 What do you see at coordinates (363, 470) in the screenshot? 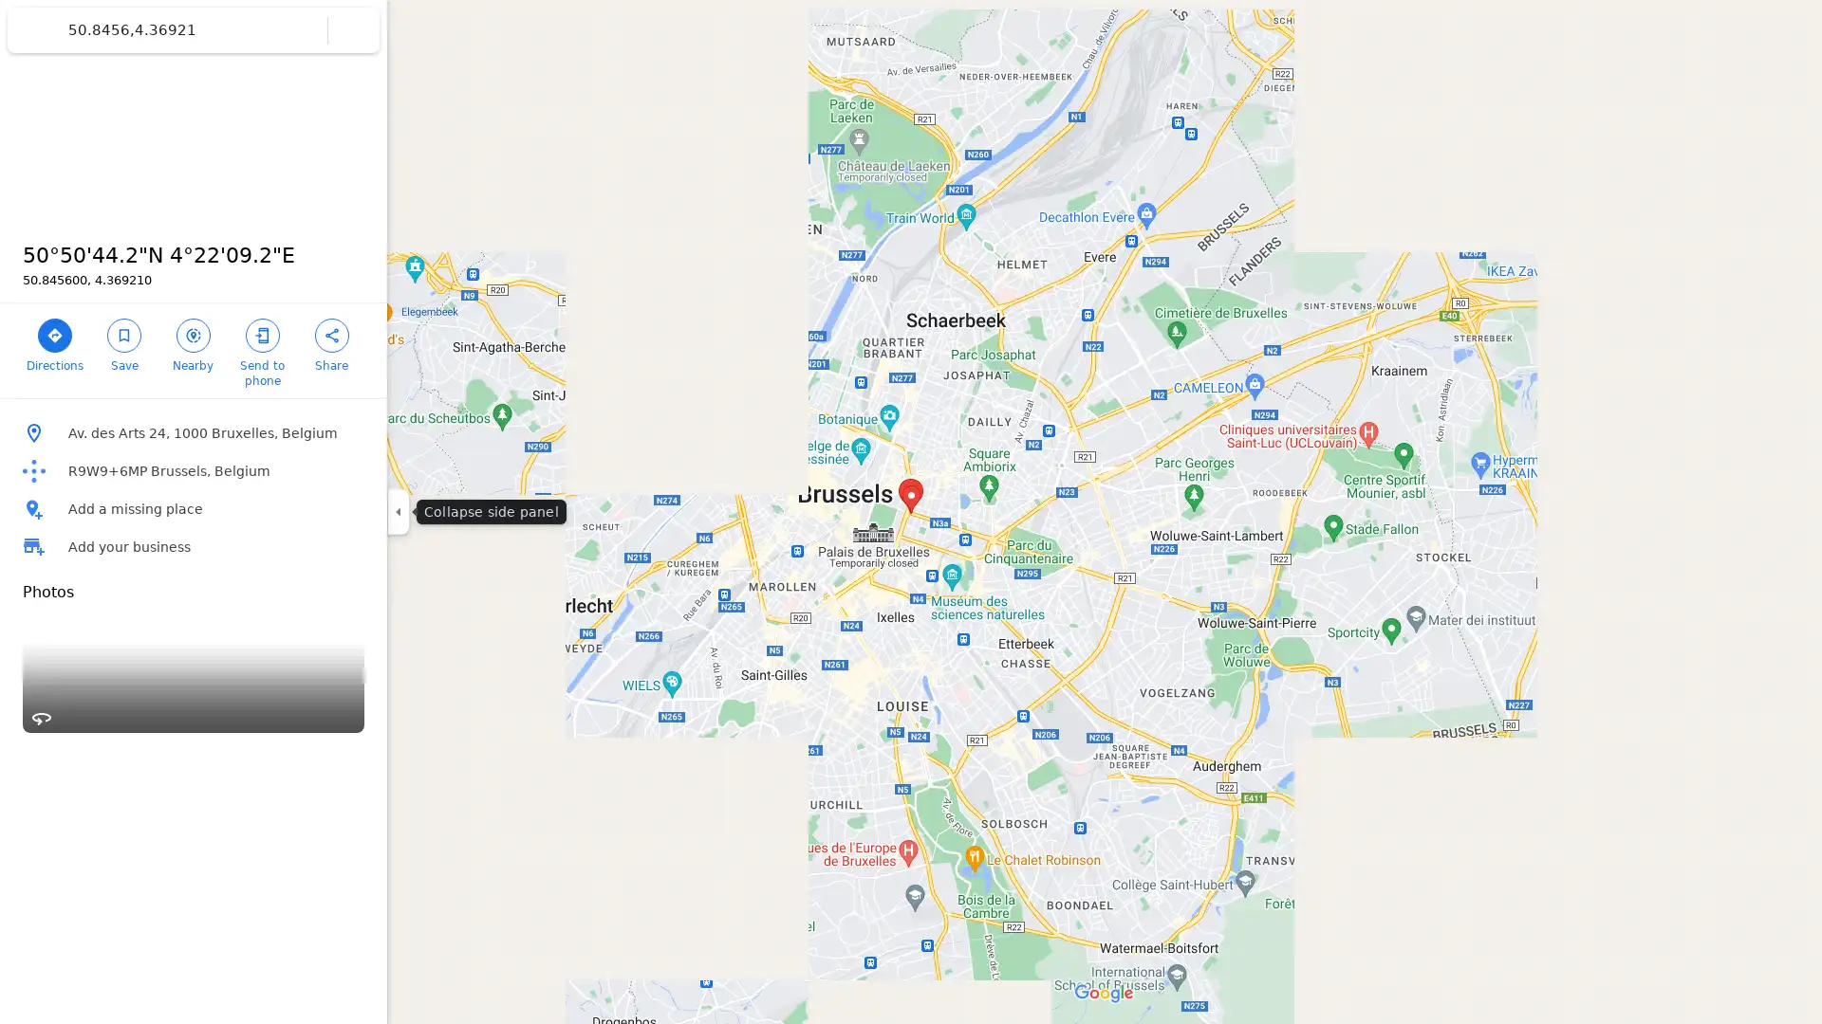
I see `Learn more about plus codes` at bounding box center [363, 470].